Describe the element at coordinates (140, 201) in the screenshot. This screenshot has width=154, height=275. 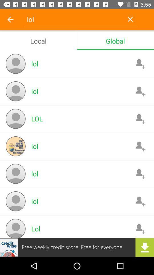
I see `contact` at that location.